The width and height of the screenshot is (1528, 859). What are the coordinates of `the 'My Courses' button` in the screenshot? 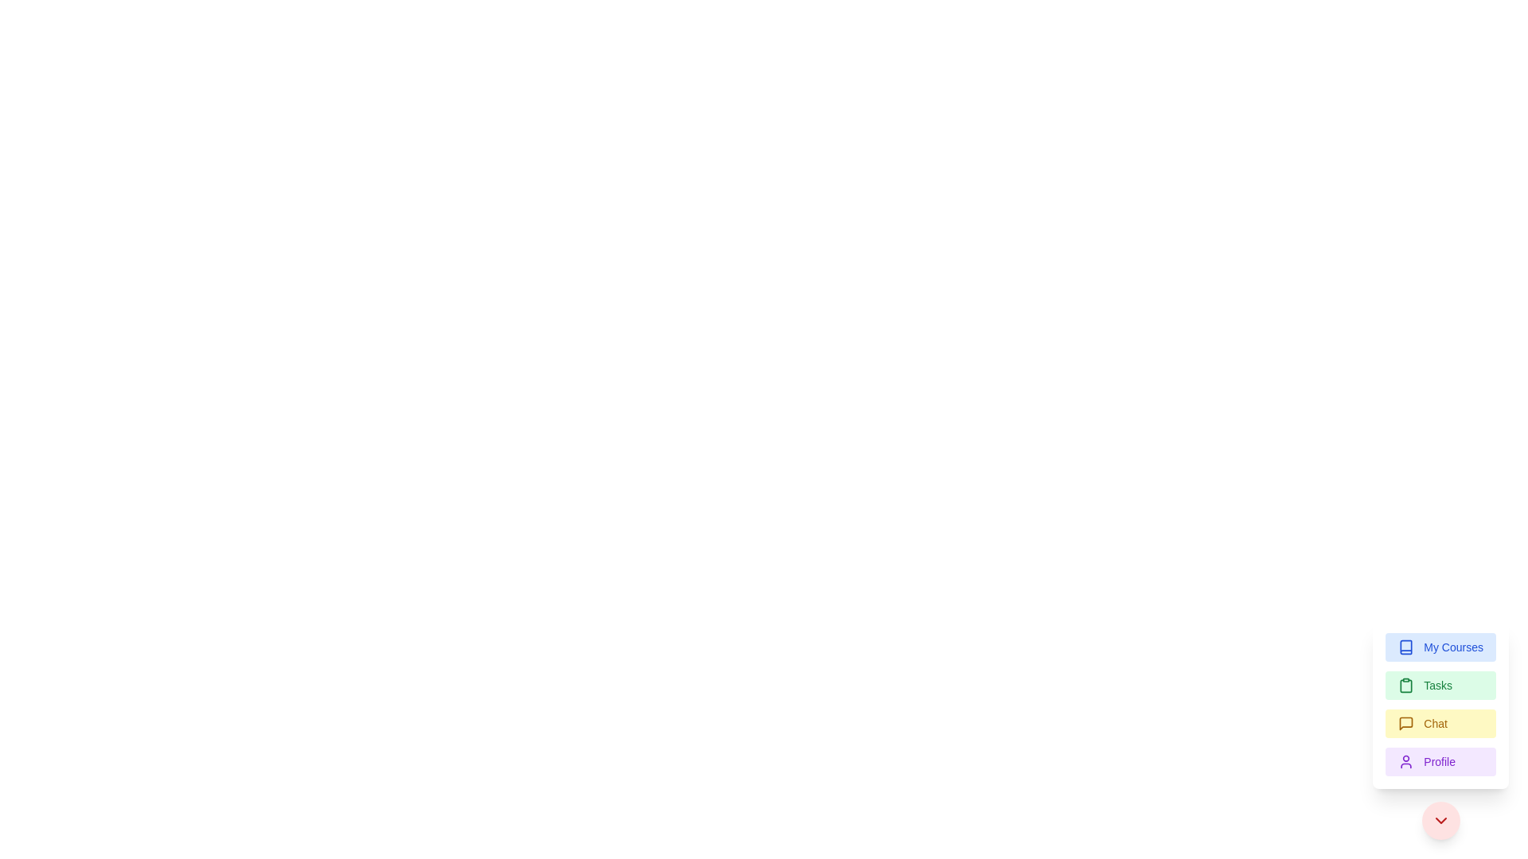 It's located at (1440, 647).